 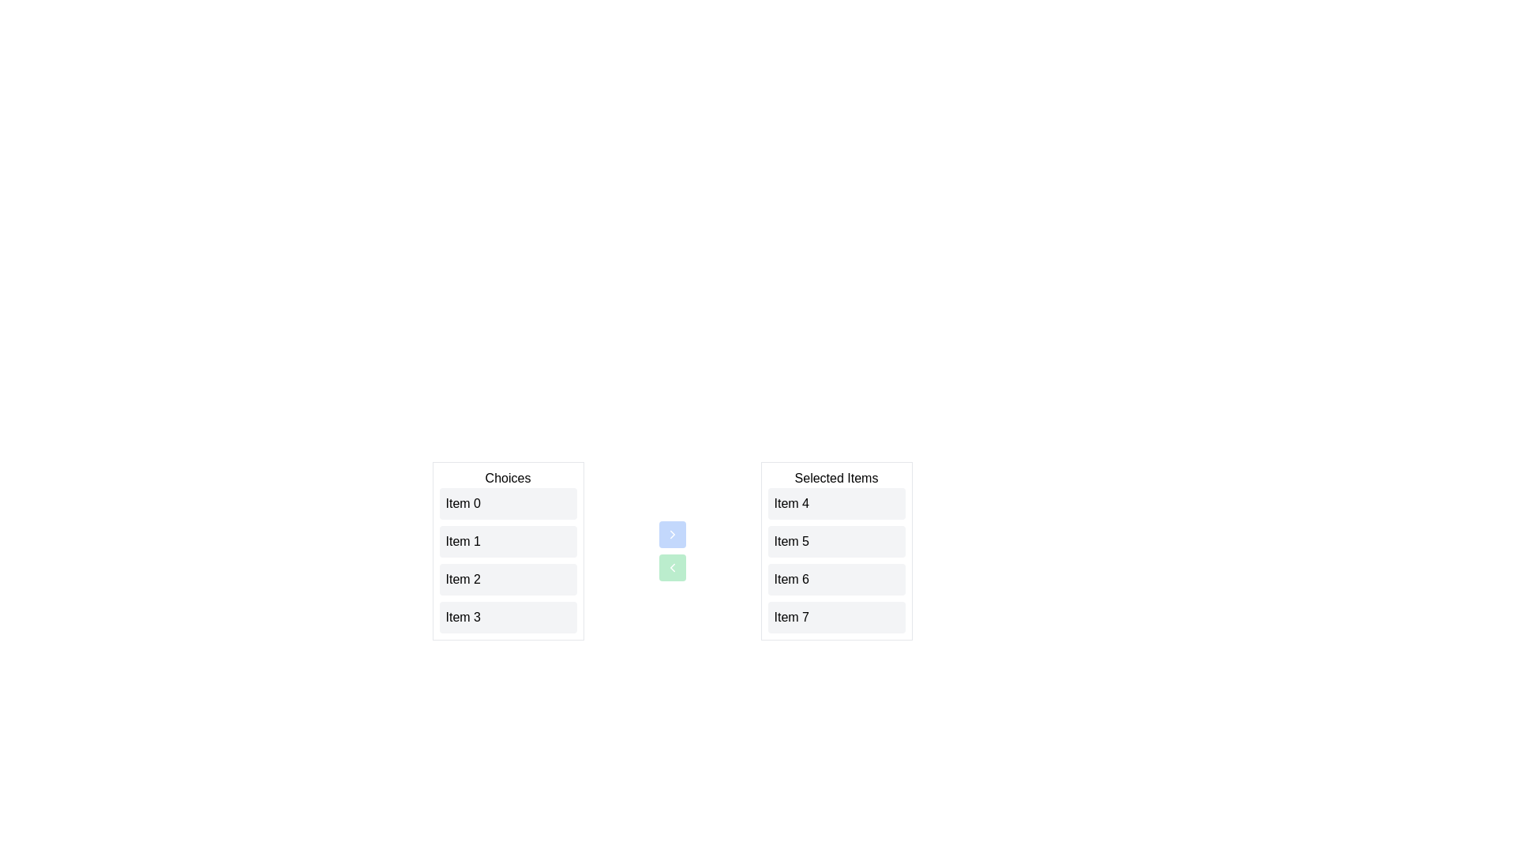 What do you see at coordinates (791, 503) in the screenshot?
I see `the text label representing 'Item 4' in the 'Selected Items' column by moving the cursor to its center point` at bounding box center [791, 503].